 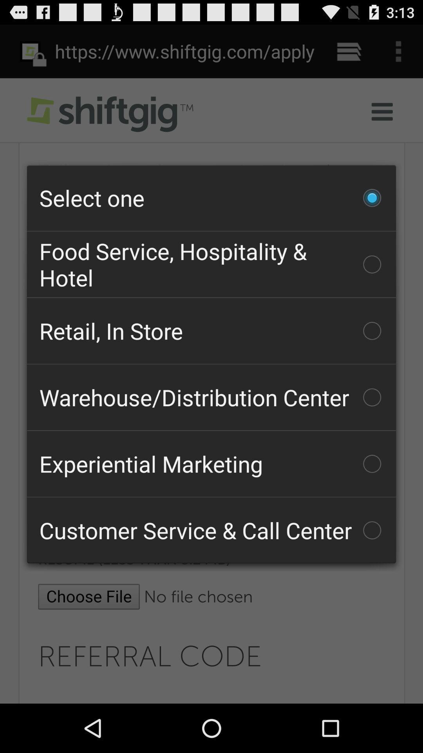 What do you see at coordinates (211, 331) in the screenshot?
I see `the retail, in store checkbox` at bounding box center [211, 331].